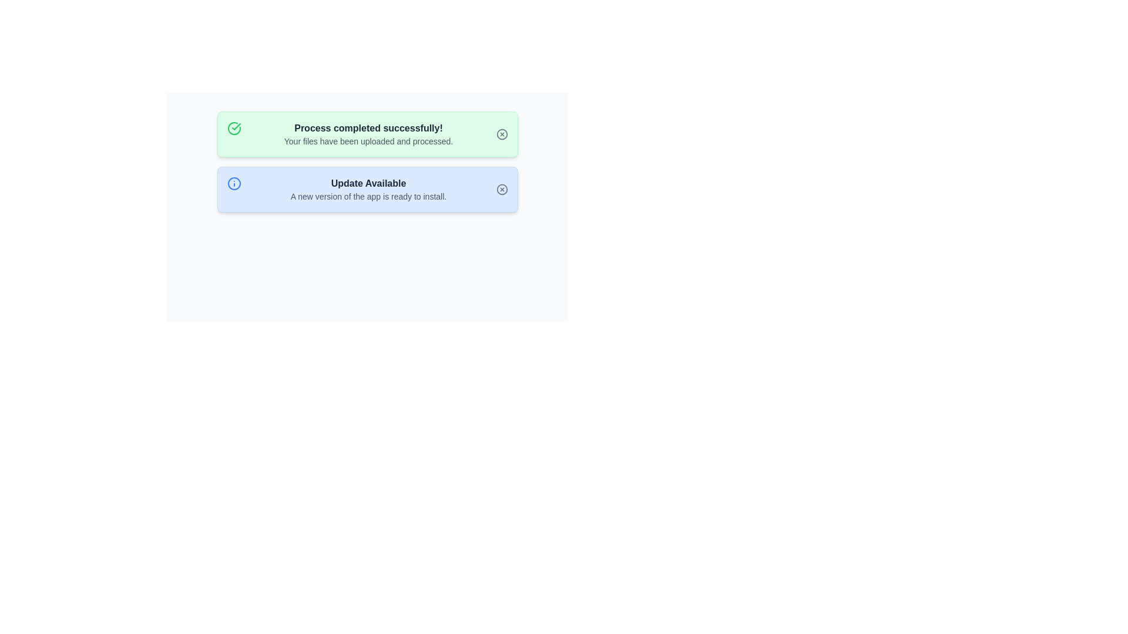  Describe the element at coordinates (367, 133) in the screenshot. I see `the success notification box indicating that files have been uploaded and processed, positioned above the 'Update Available' notification` at that location.